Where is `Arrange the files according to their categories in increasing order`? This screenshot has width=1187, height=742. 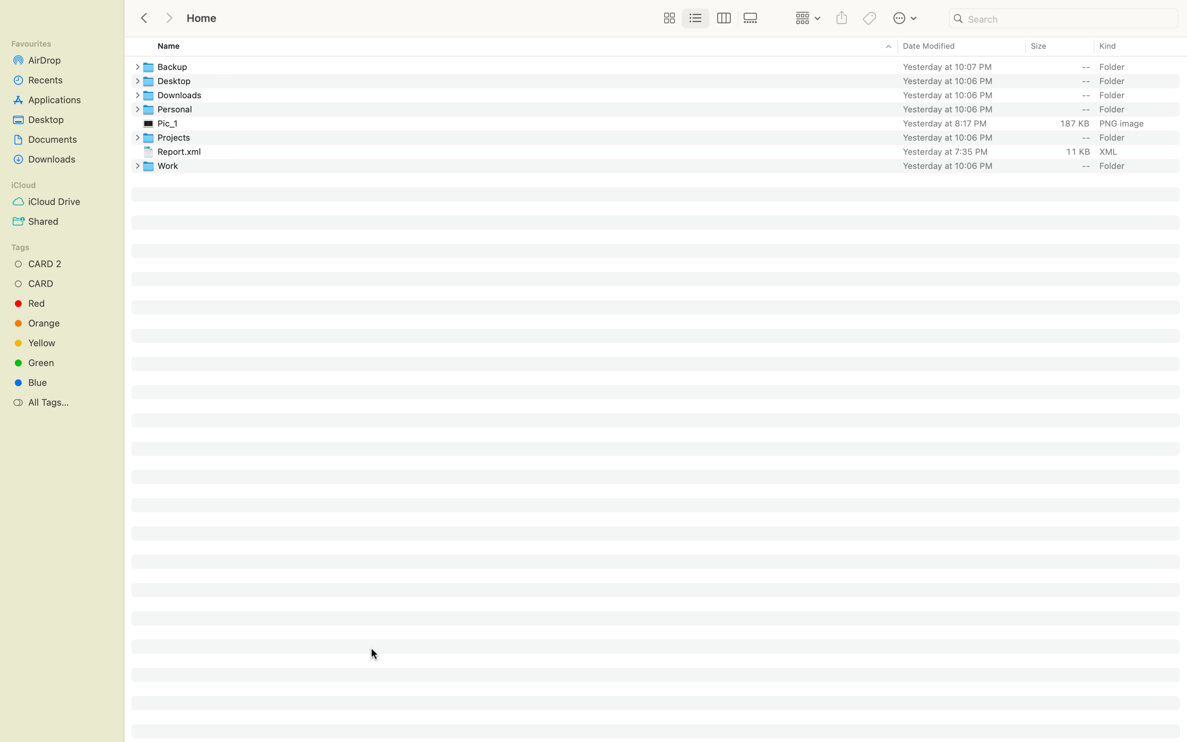 Arrange the files according to their categories in increasing order is located at coordinates (1135, 46).